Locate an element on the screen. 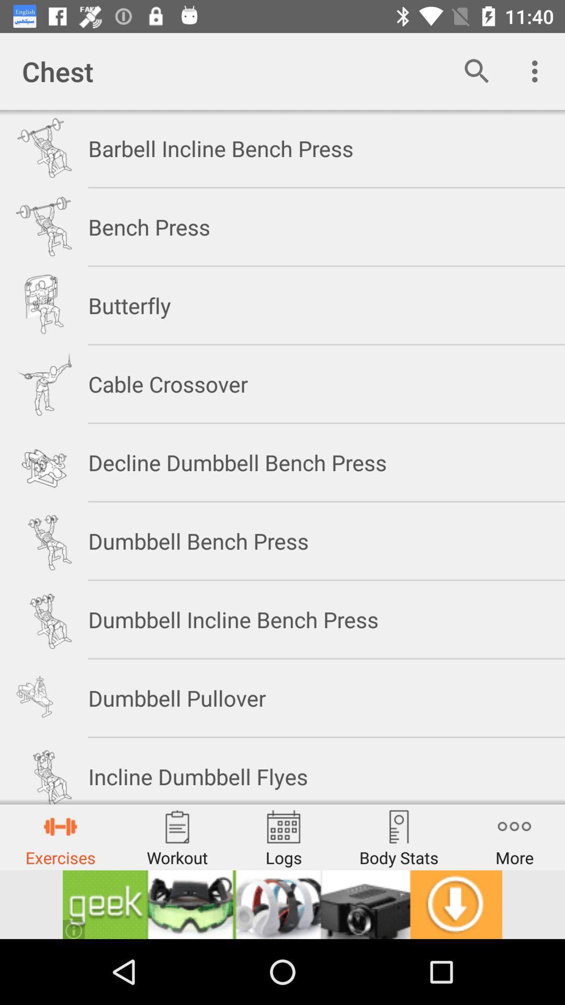 The height and width of the screenshot is (1005, 565). advertisement display is located at coordinates (282, 904).